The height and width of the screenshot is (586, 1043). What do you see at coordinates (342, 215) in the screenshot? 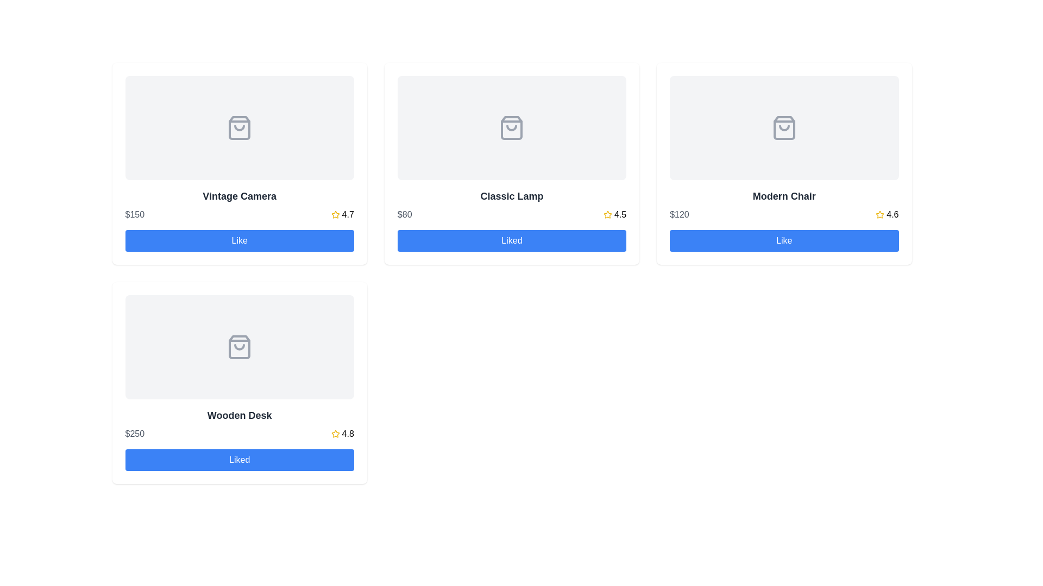
I see `the rating display component consisting of a yellow star icon and the text '4.7', located at the top-right corner of the 'Vintage Camera' card` at bounding box center [342, 215].